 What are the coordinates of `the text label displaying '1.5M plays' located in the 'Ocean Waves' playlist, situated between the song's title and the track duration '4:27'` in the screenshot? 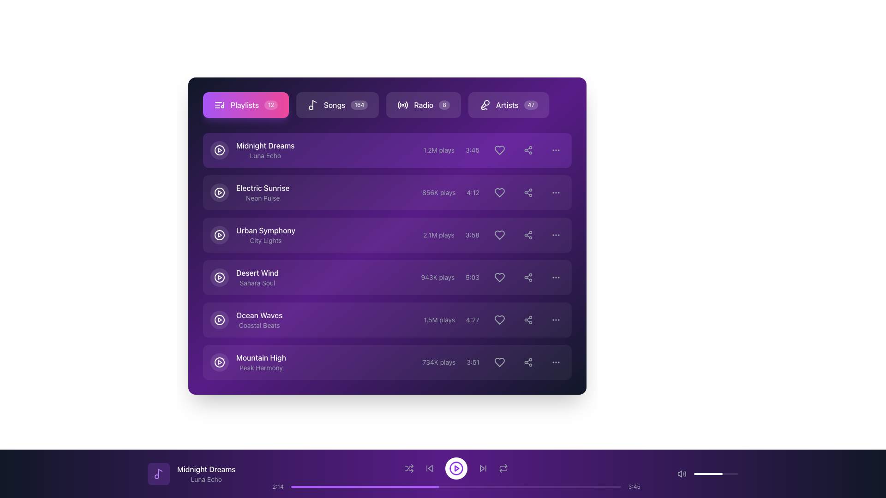 It's located at (439, 320).